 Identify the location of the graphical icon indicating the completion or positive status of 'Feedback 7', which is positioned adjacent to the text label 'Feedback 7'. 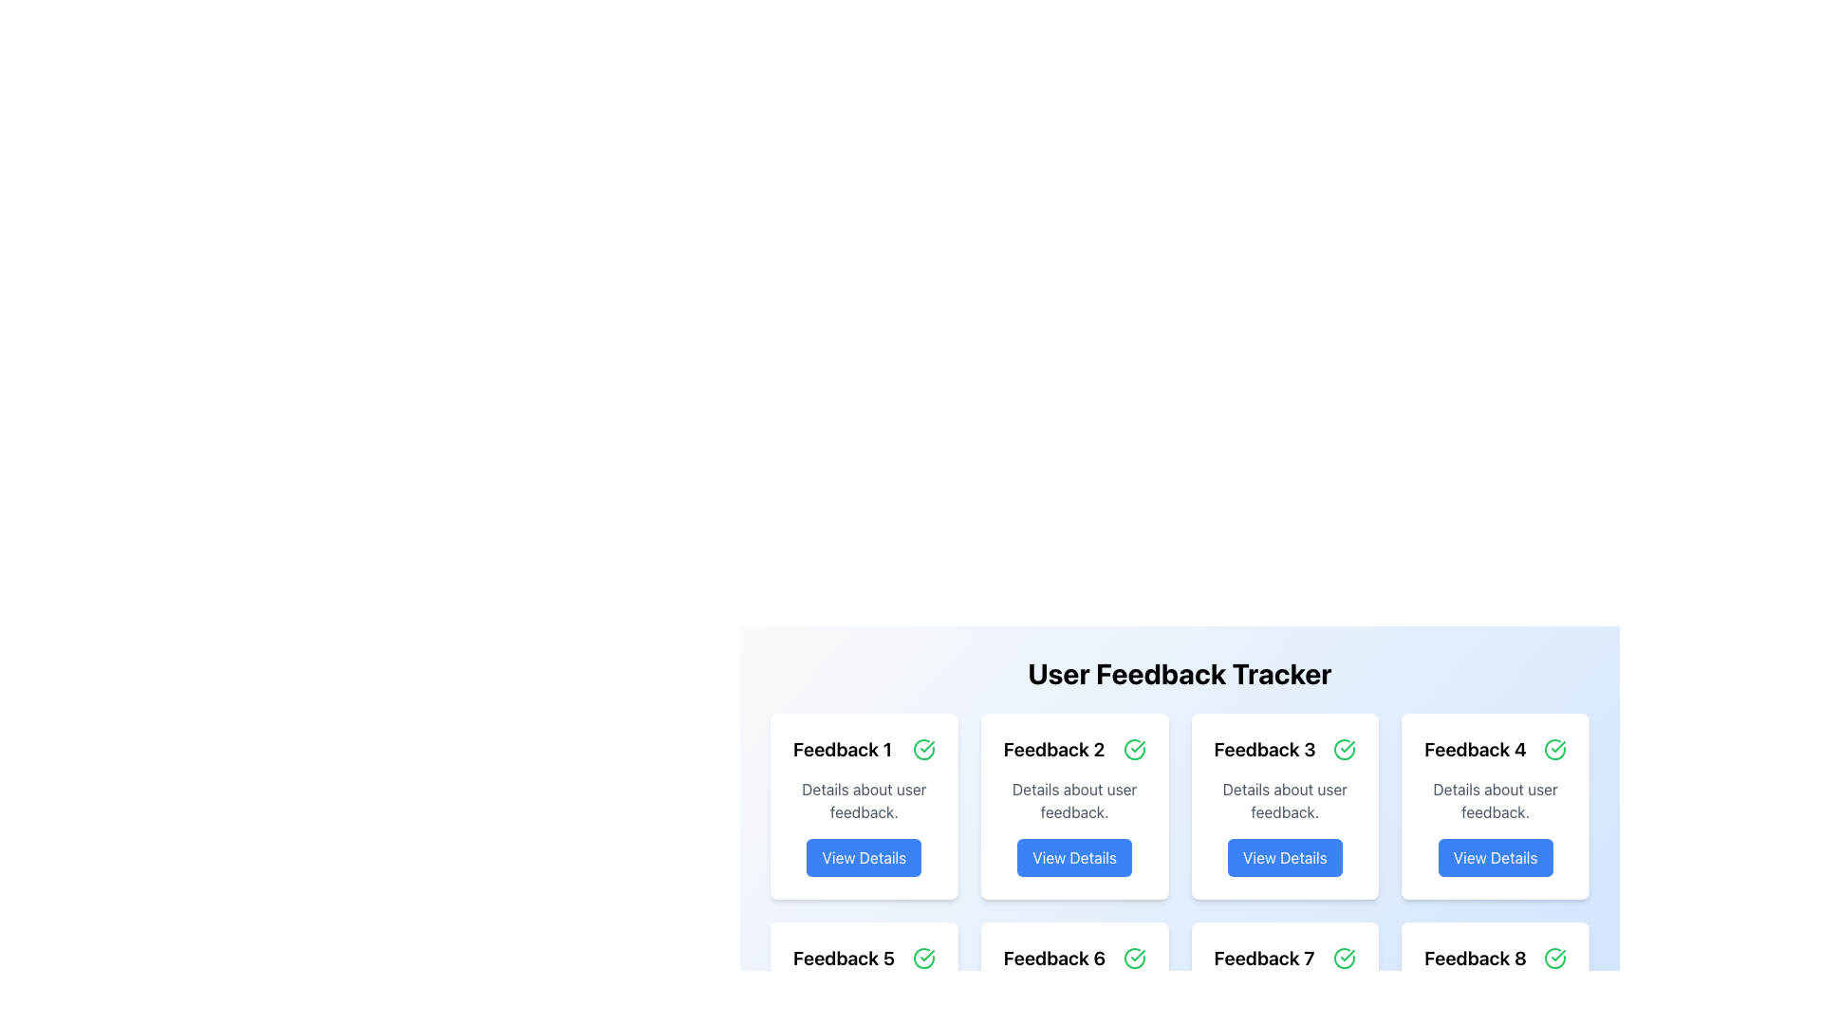
(1344, 959).